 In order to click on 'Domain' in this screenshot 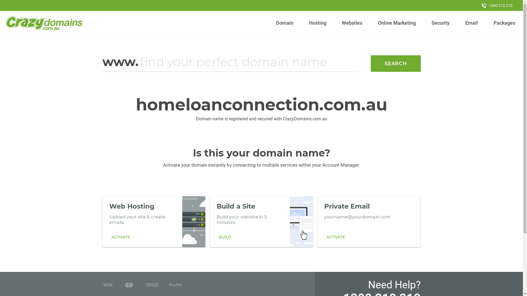, I will do `click(285, 23)`.